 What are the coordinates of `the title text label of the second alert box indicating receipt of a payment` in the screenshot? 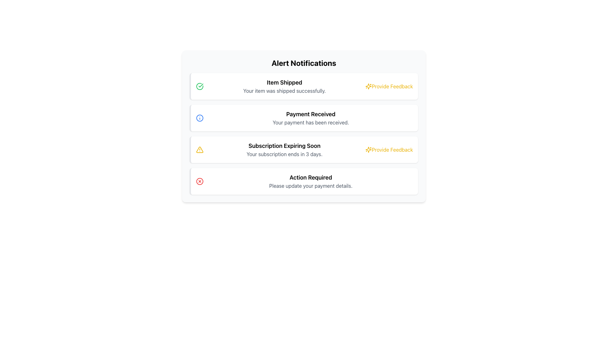 It's located at (311, 114).